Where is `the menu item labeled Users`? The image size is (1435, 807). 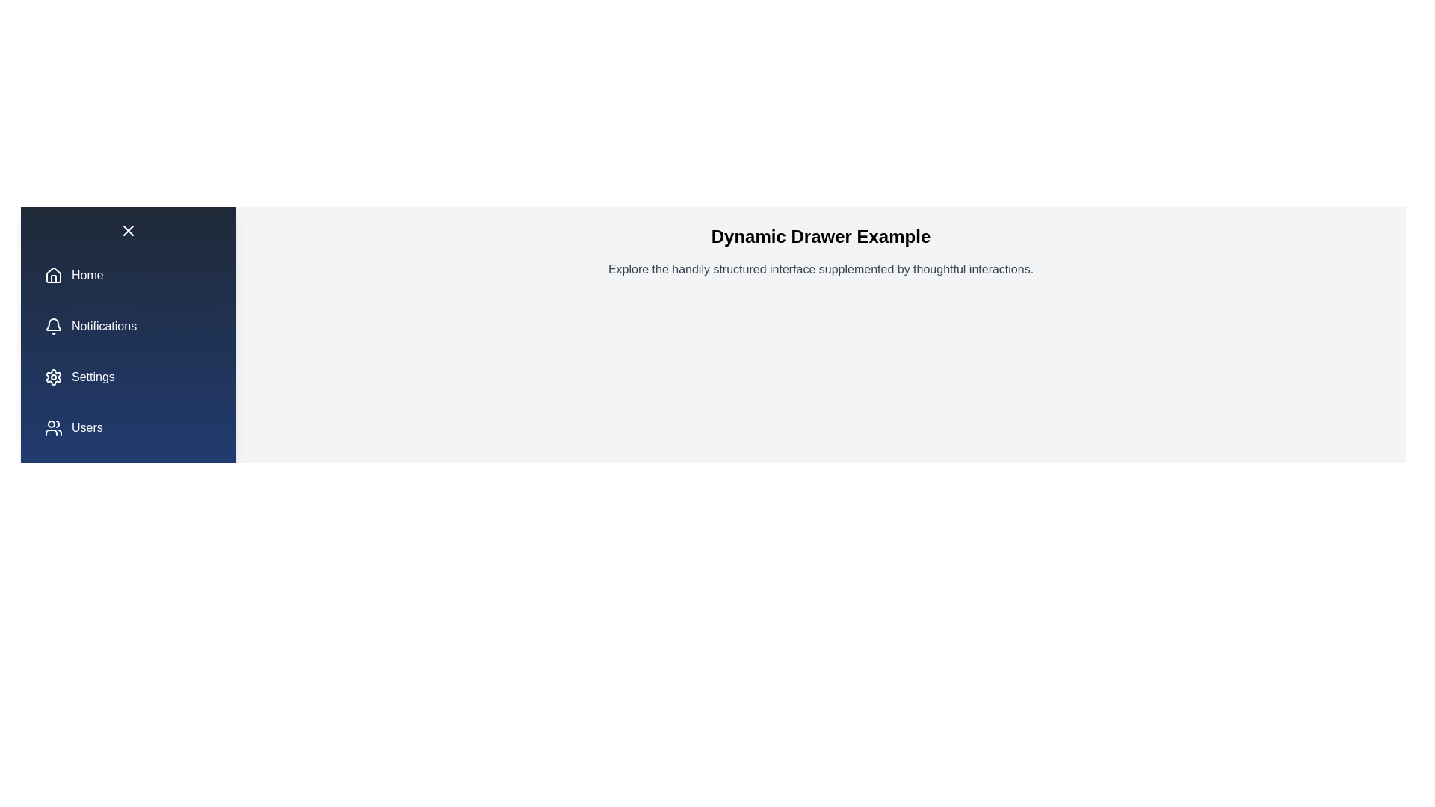 the menu item labeled Users is located at coordinates (129, 428).